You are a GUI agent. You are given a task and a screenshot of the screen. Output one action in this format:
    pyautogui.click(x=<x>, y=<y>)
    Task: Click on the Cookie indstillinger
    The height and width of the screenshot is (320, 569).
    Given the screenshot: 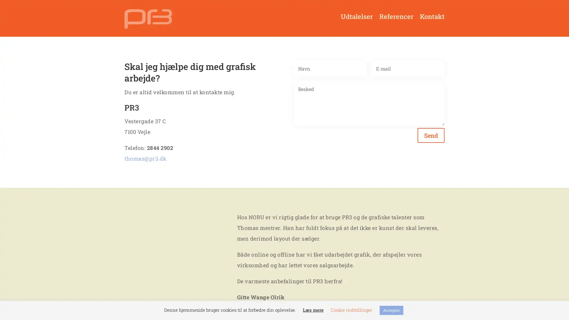 What is the action you would take?
    pyautogui.click(x=351, y=309)
    